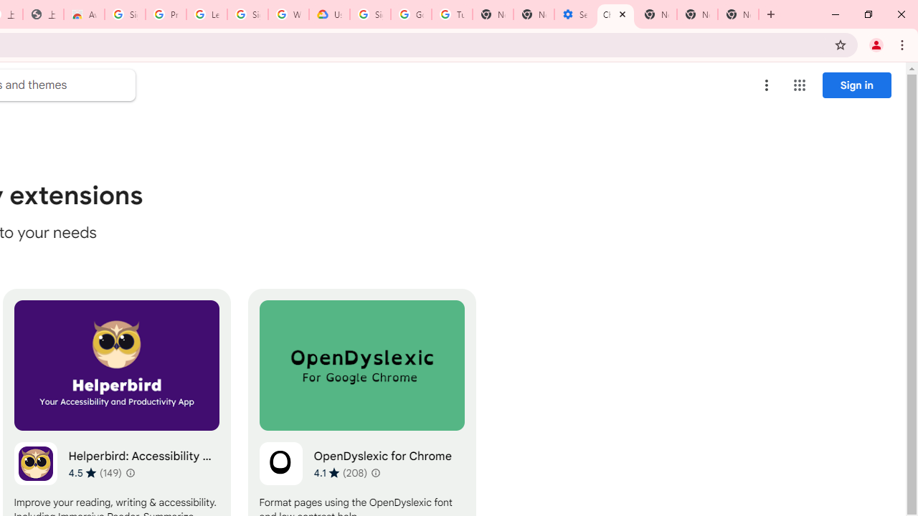 The image size is (918, 516). Describe the element at coordinates (247, 14) in the screenshot. I see `'Sign in - Google Accounts'` at that location.